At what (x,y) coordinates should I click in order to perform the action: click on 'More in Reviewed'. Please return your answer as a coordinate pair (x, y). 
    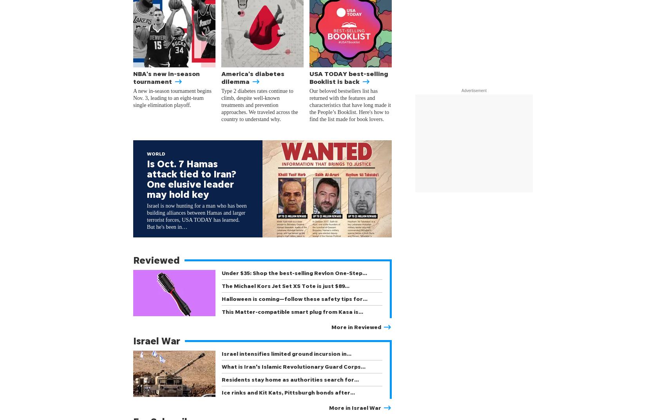
    Looking at the image, I should click on (356, 326).